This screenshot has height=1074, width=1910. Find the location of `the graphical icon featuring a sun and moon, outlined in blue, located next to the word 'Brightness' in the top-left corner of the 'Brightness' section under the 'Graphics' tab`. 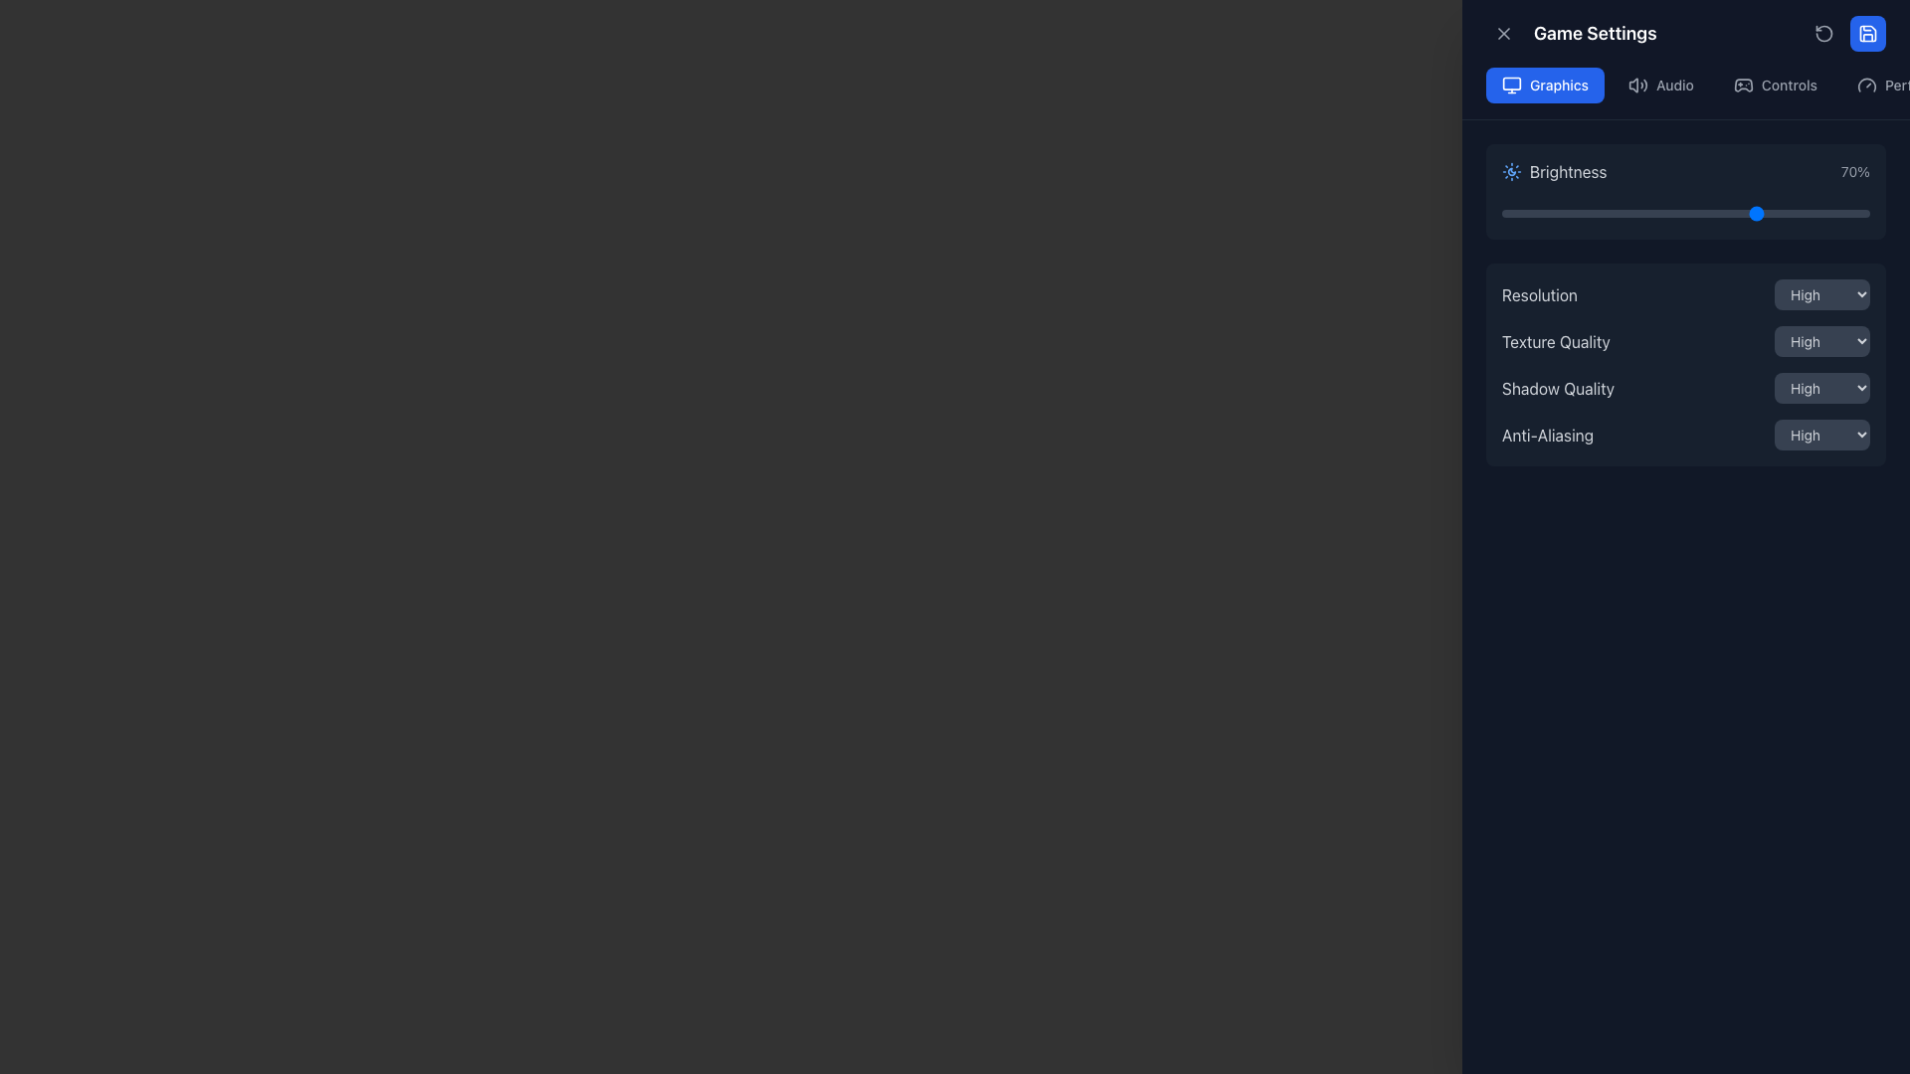

the graphical icon featuring a sun and moon, outlined in blue, located next to the word 'Brightness' in the top-left corner of the 'Brightness' section under the 'Graphics' tab is located at coordinates (1512, 171).